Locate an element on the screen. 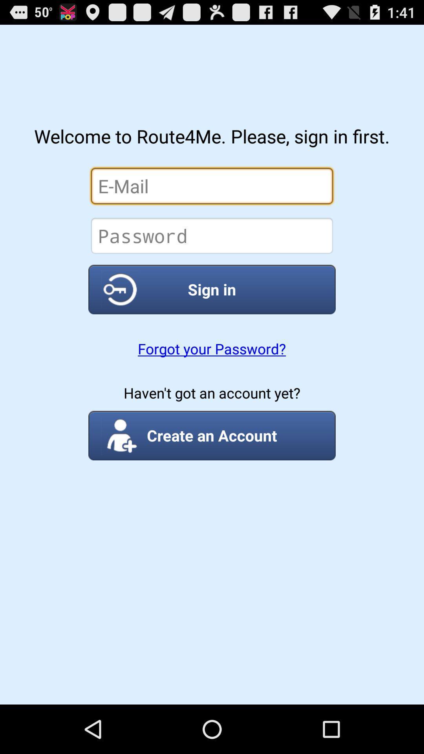  insert password is located at coordinates (212, 235).